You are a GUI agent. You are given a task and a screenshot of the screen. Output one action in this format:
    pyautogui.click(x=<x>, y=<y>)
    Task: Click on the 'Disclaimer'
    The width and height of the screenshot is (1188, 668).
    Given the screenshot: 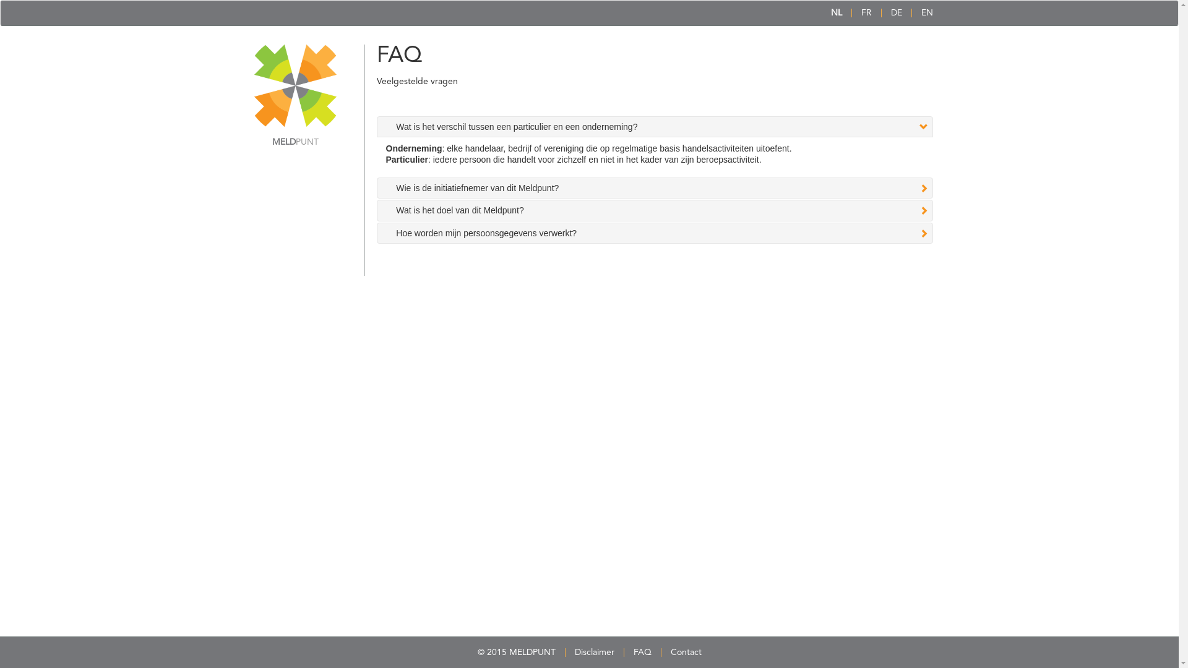 What is the action you would take?
    pyautogui.click(x=594, y=652)
    